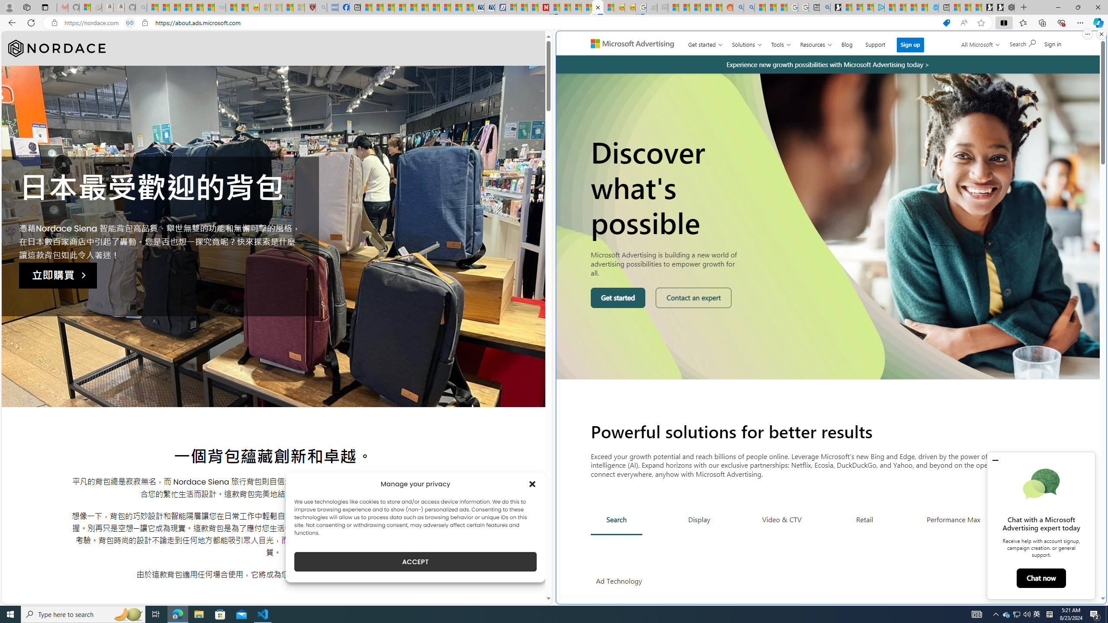 This screenshot has height=623, width=1108. I want to click on 'Utah sues federal government - Search', so click(748, 7).